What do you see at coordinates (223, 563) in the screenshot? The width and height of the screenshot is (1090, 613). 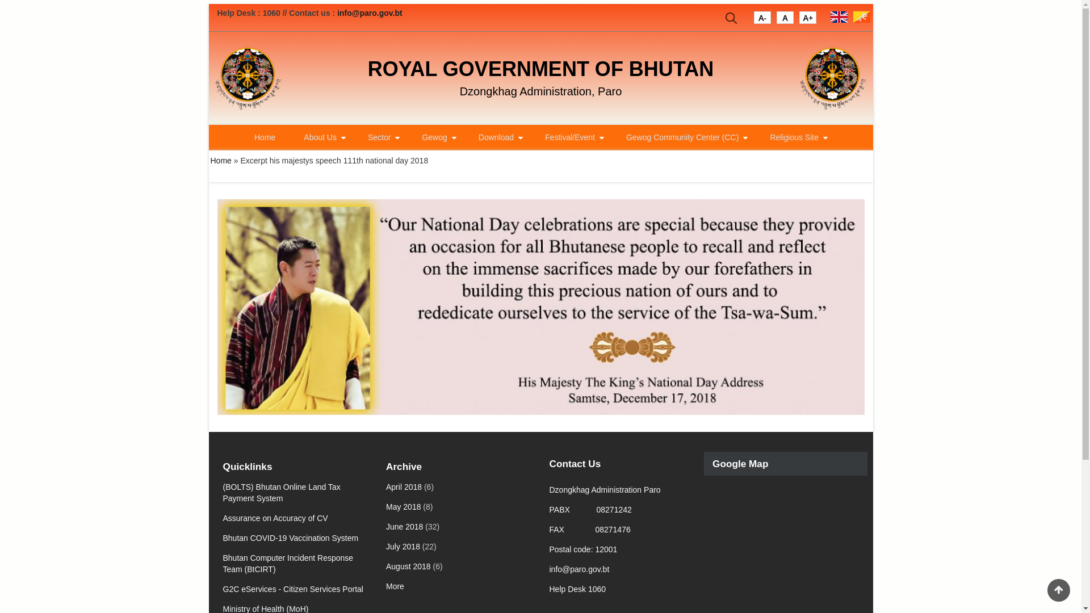 I see `'Bhutan Computer Incident Response Team (BtCIRT)'` at bounding box center [223, 563].